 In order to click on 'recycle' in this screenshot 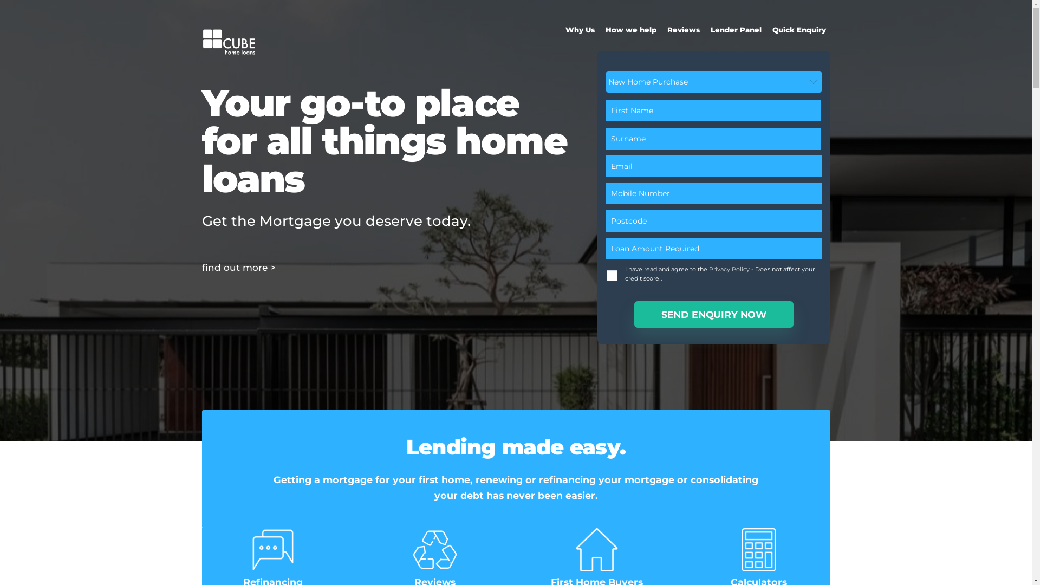, I will do `click(434, 549)`.